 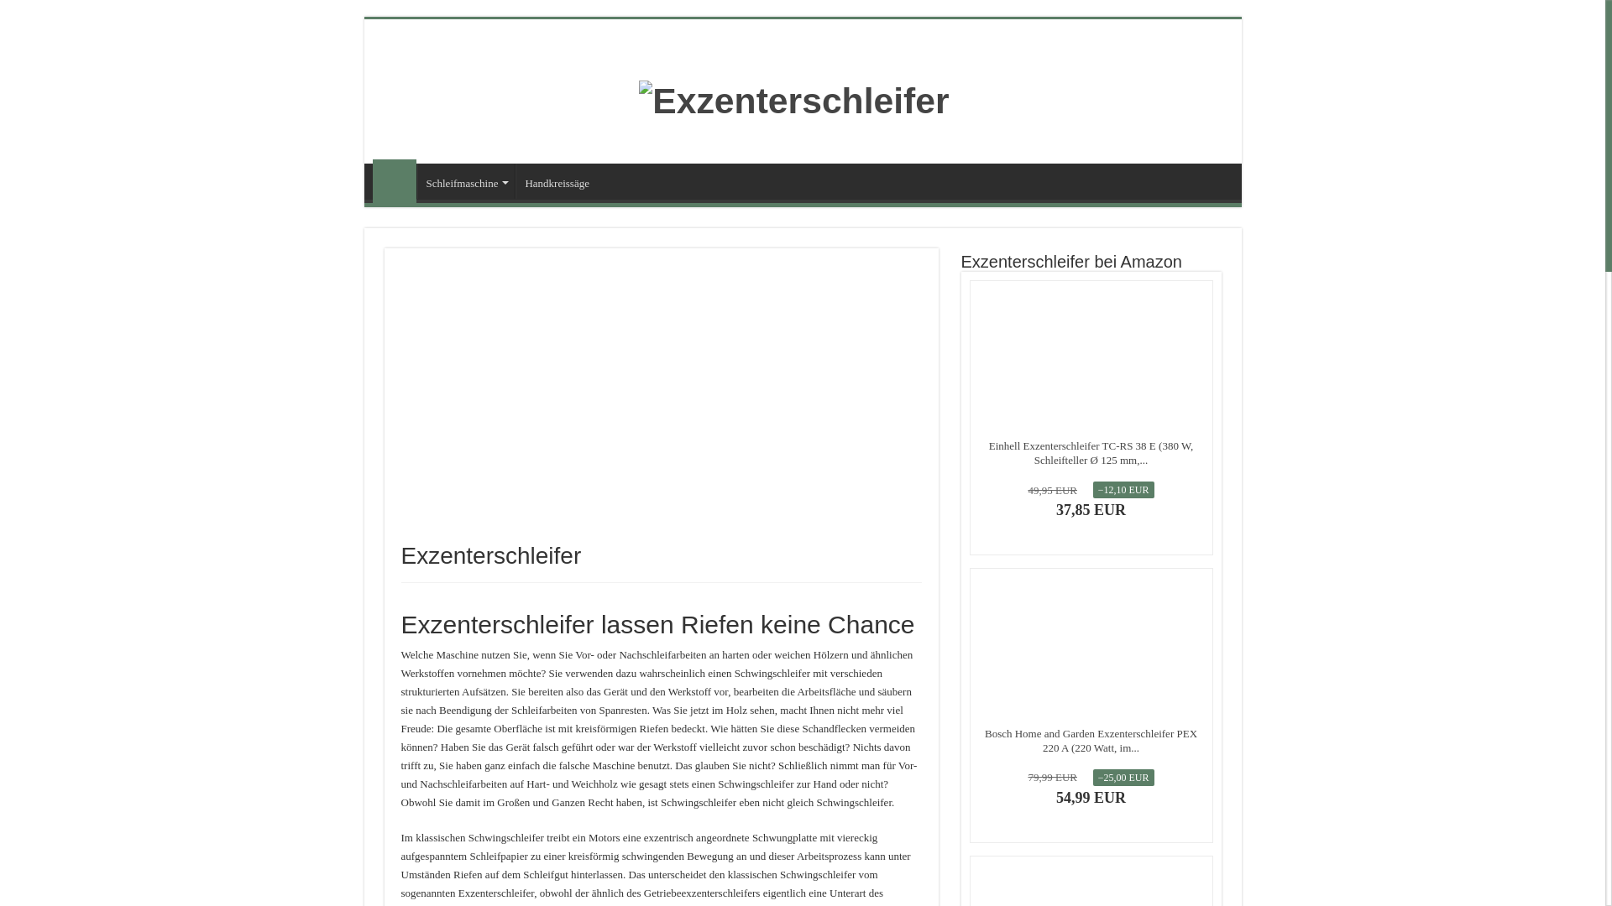 What do you see at coordinates (465, 181) in the screenshot?
I see `'Schleifmaschine'` at bounding box center [465, 181].